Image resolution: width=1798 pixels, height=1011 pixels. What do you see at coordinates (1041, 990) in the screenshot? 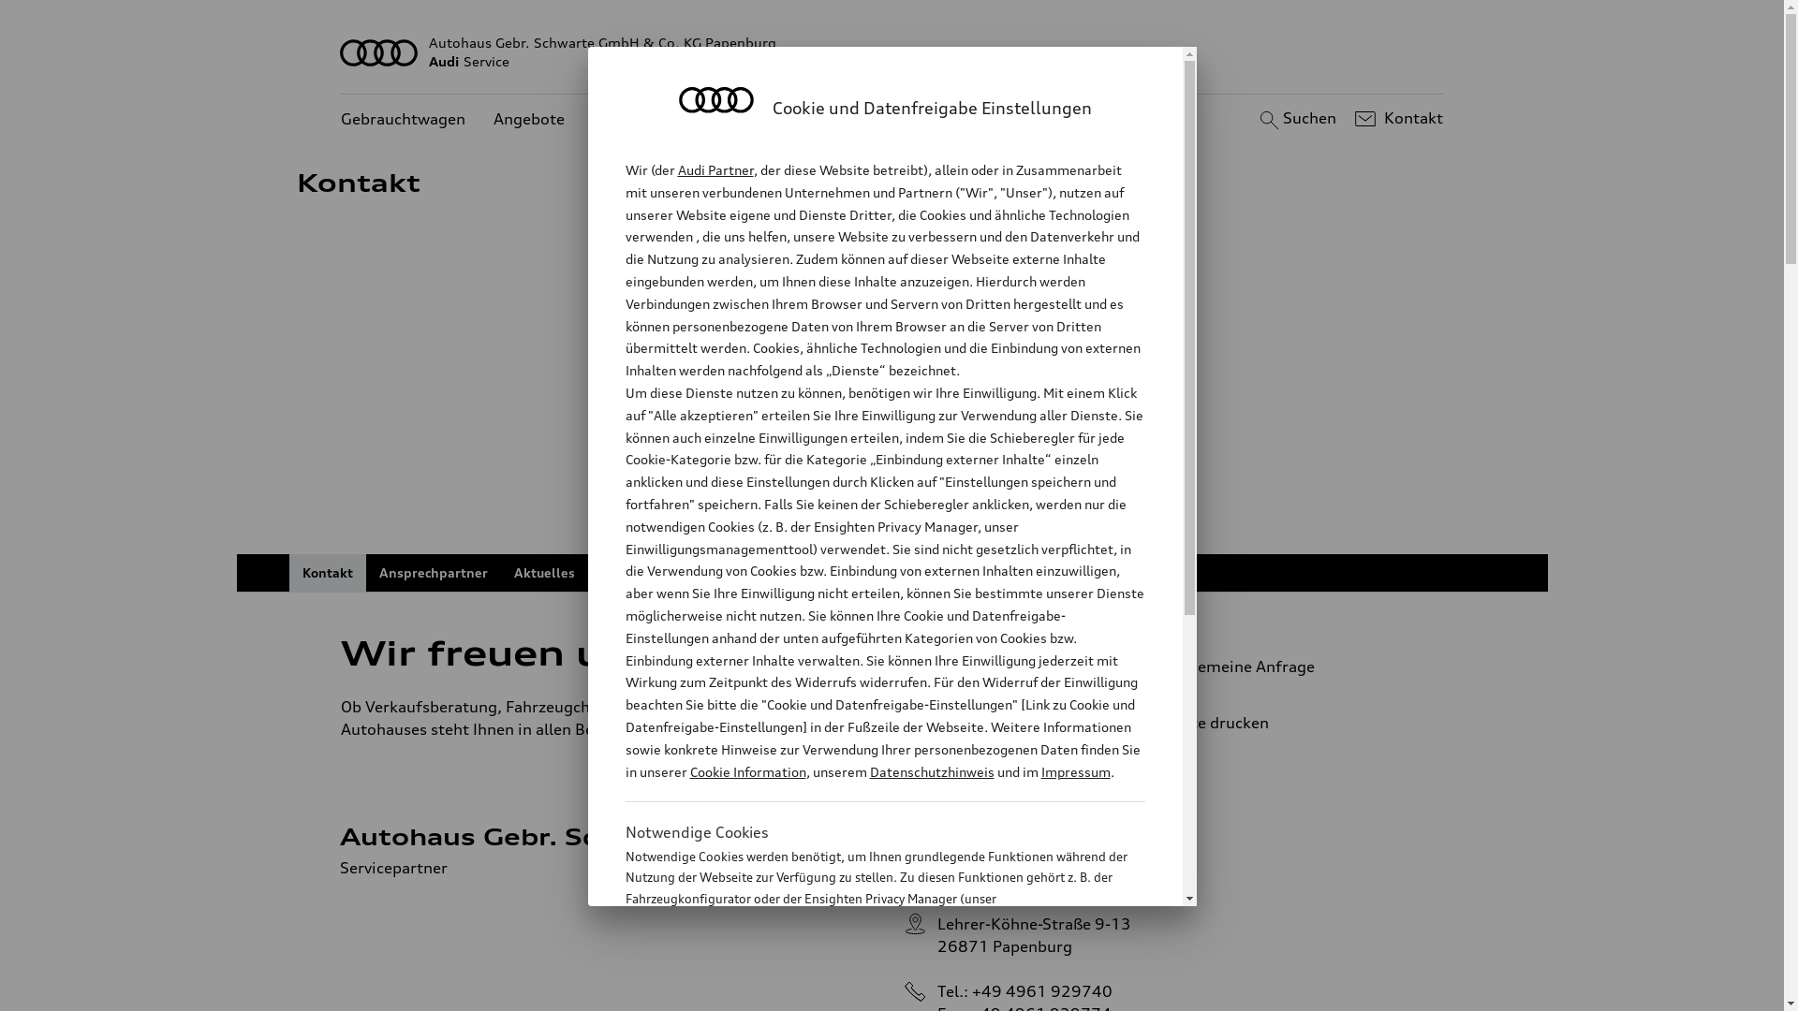
I see `'+49 4961 929740'` at bounding box center [1041, 990].